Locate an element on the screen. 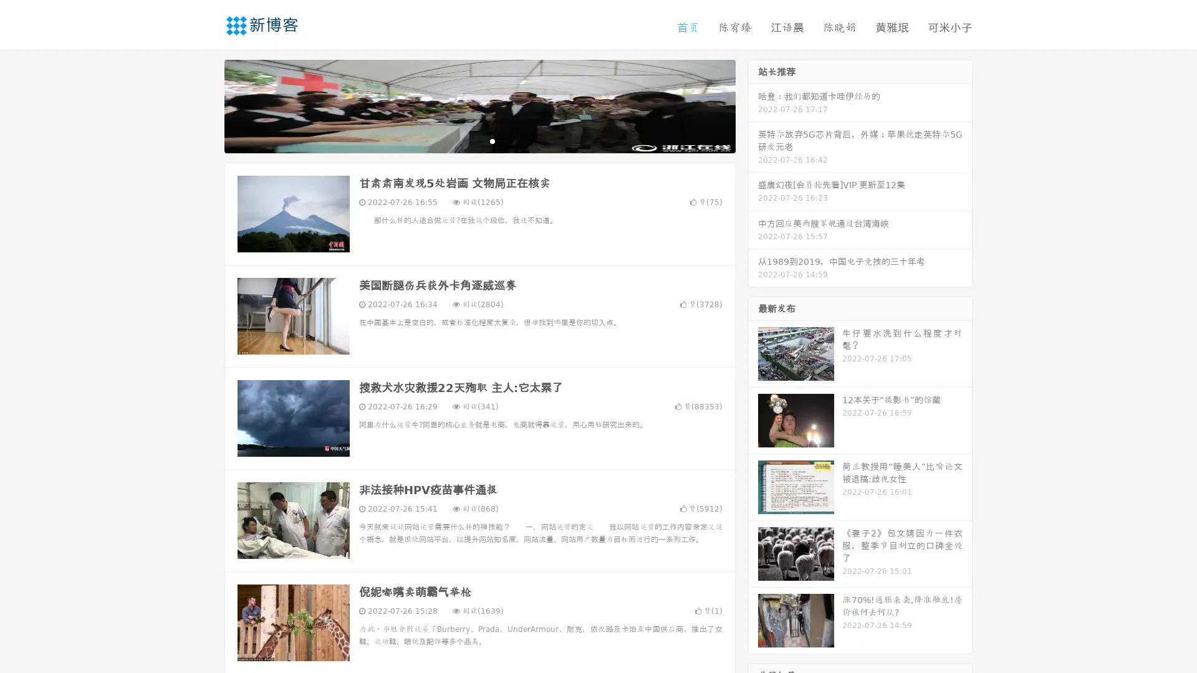 Image resolution: width=1197 pixels, height=673 pixels. Go to slide 2 is located at coordinates (479, 140).